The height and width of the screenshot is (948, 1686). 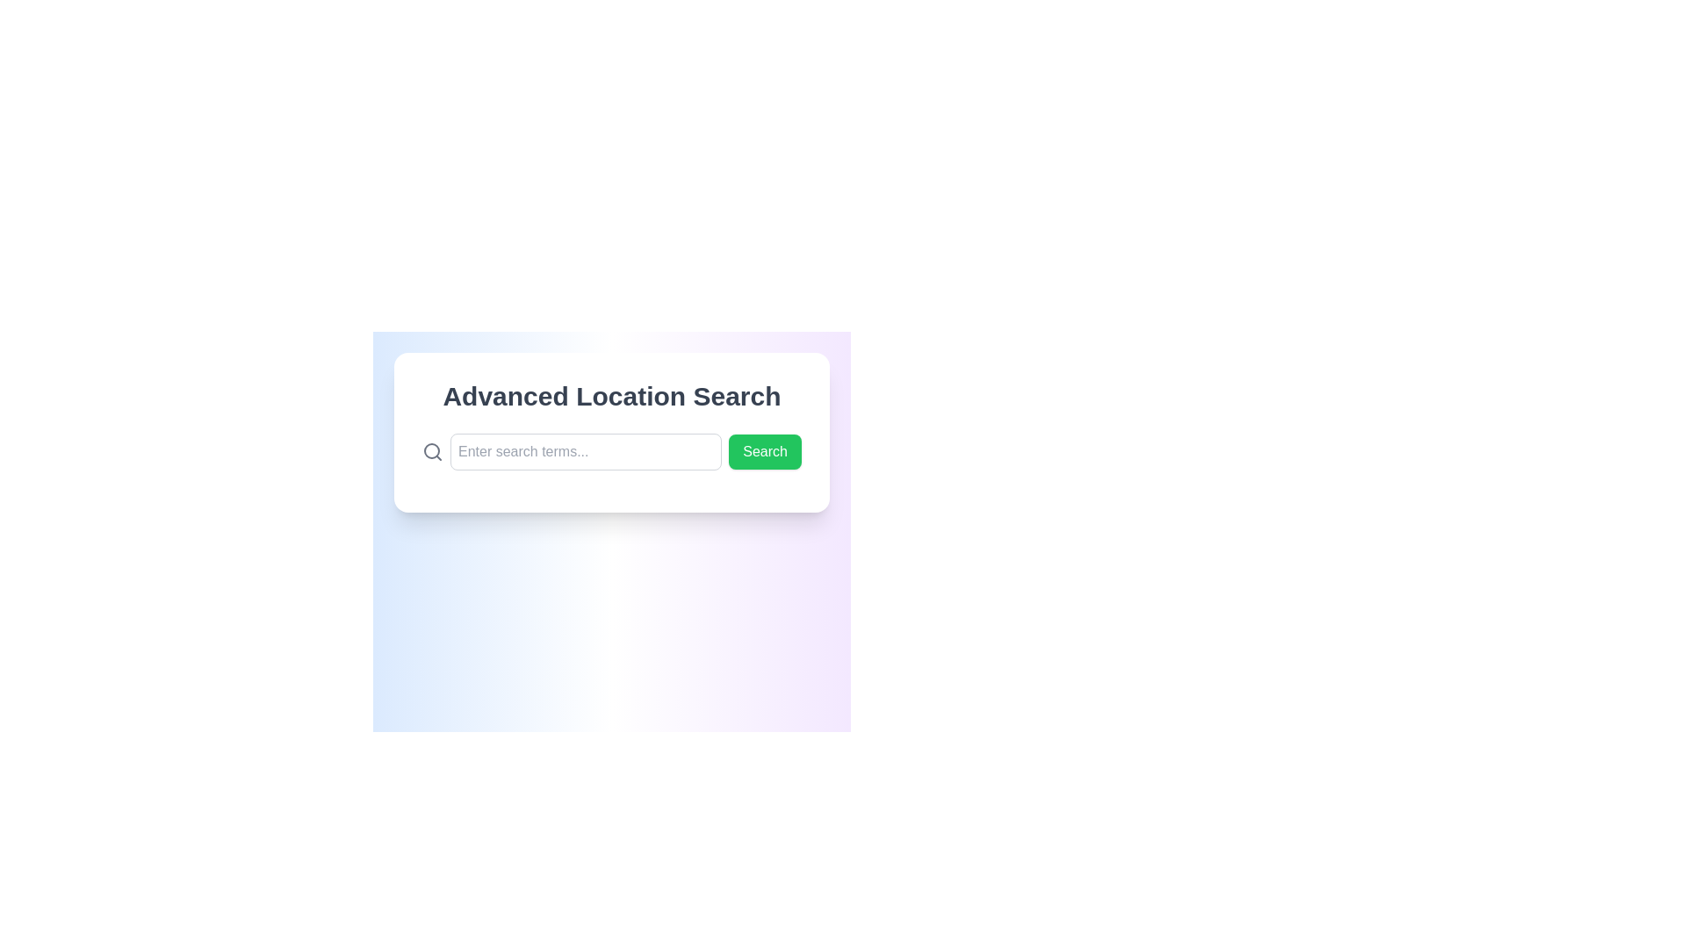 What do you see at coordinates (433, 451) in the screenshot?
I see `the magnifying glass icon that indicates the search function, located to the left of the text input box labeled 'Enter search terms...'` at bounding box center [433, 451].